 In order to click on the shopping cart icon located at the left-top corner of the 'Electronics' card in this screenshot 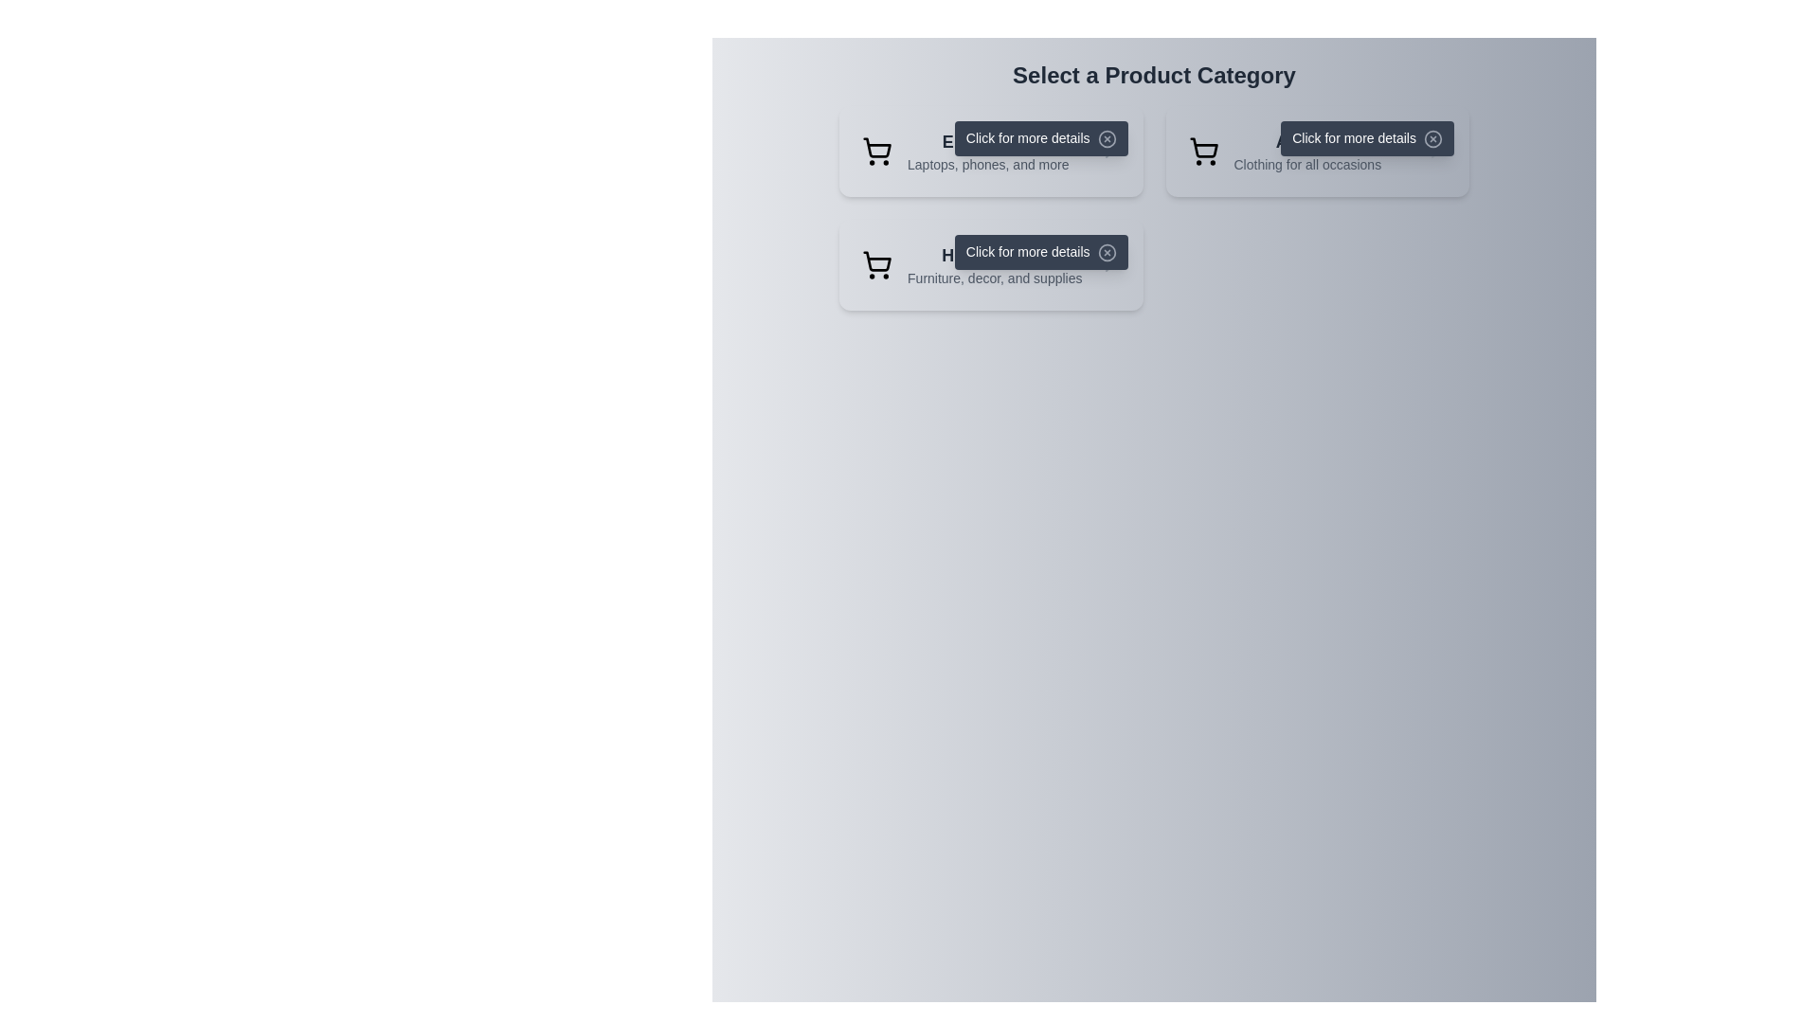, I will do `click(876, 150)`.